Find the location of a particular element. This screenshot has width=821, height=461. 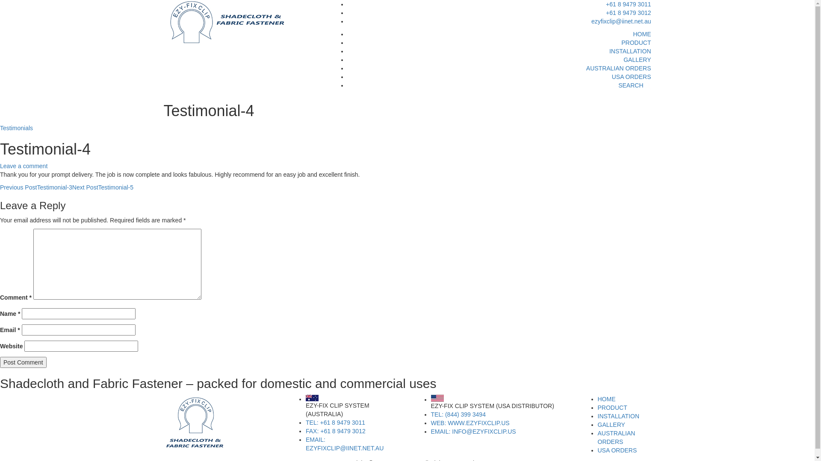

'GALLERY' is located at coordinates (611, 425).